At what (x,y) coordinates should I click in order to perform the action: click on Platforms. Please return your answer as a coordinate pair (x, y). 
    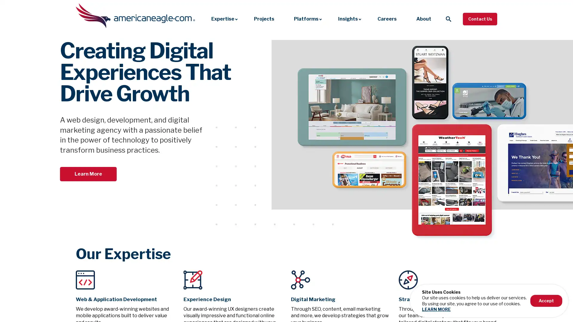
    Looking at the image, I should click on (306, 18).